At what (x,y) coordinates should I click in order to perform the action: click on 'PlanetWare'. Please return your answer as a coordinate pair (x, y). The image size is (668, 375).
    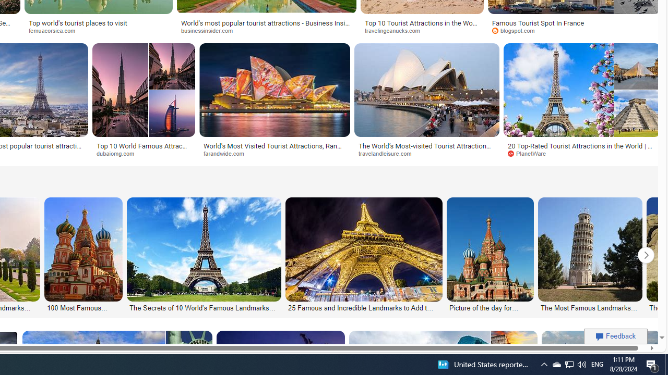
    Looking at the image, I should click on (530, 153).